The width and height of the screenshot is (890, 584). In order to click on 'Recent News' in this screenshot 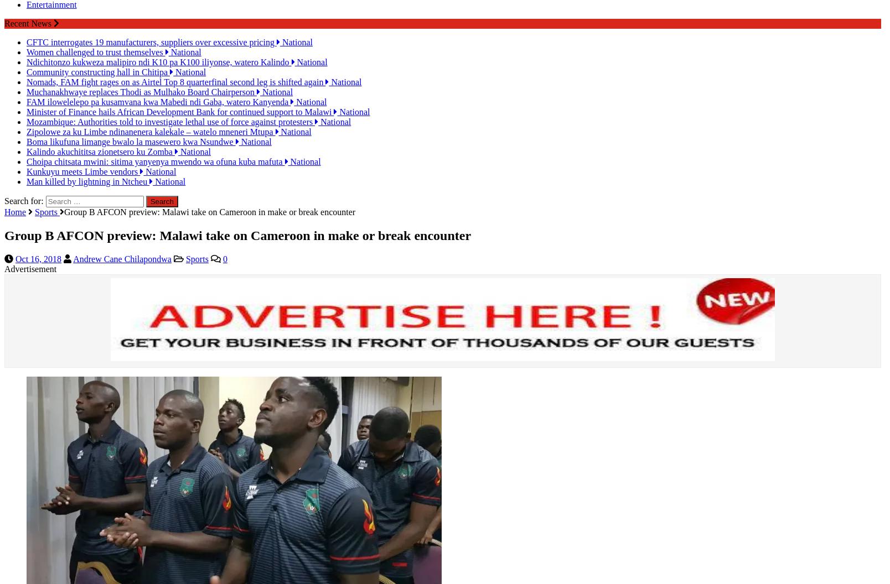, I will do `click(4, 23)`.